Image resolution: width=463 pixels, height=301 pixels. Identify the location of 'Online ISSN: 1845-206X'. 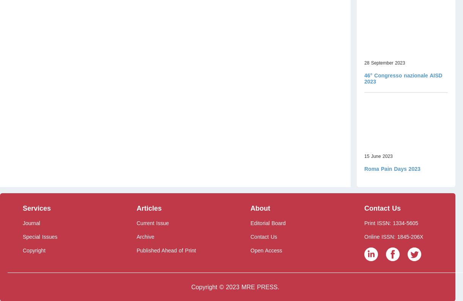
(394, 236).